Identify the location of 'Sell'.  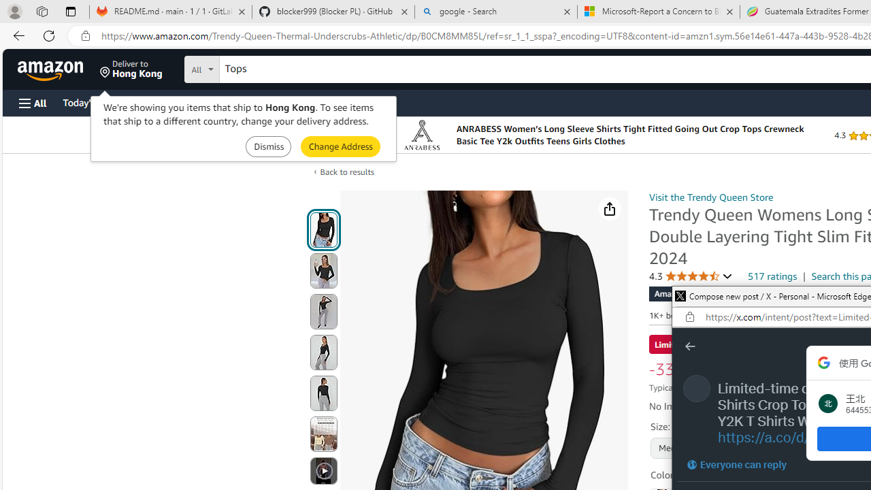
(347, 101).